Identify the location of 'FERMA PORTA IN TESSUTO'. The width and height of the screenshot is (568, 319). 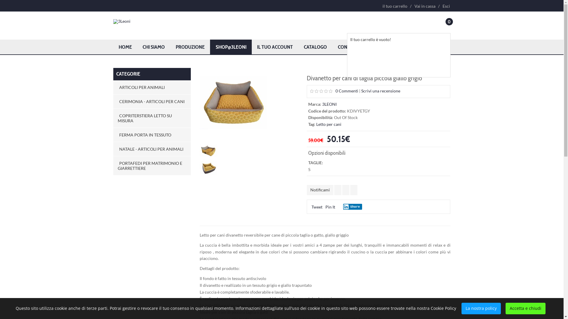
(152, 135).